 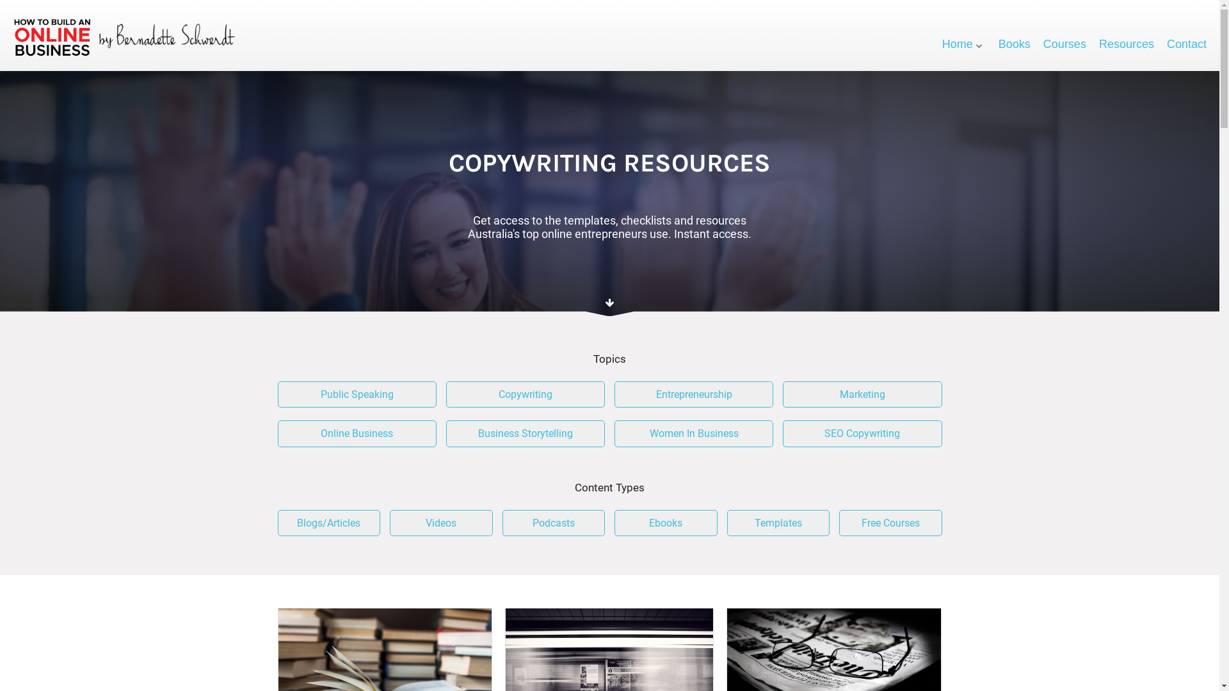 What do you see at coordinates (525, 433) in the screenshot?
I see `'Business Storytelling'` at bounding box center [525, 433].